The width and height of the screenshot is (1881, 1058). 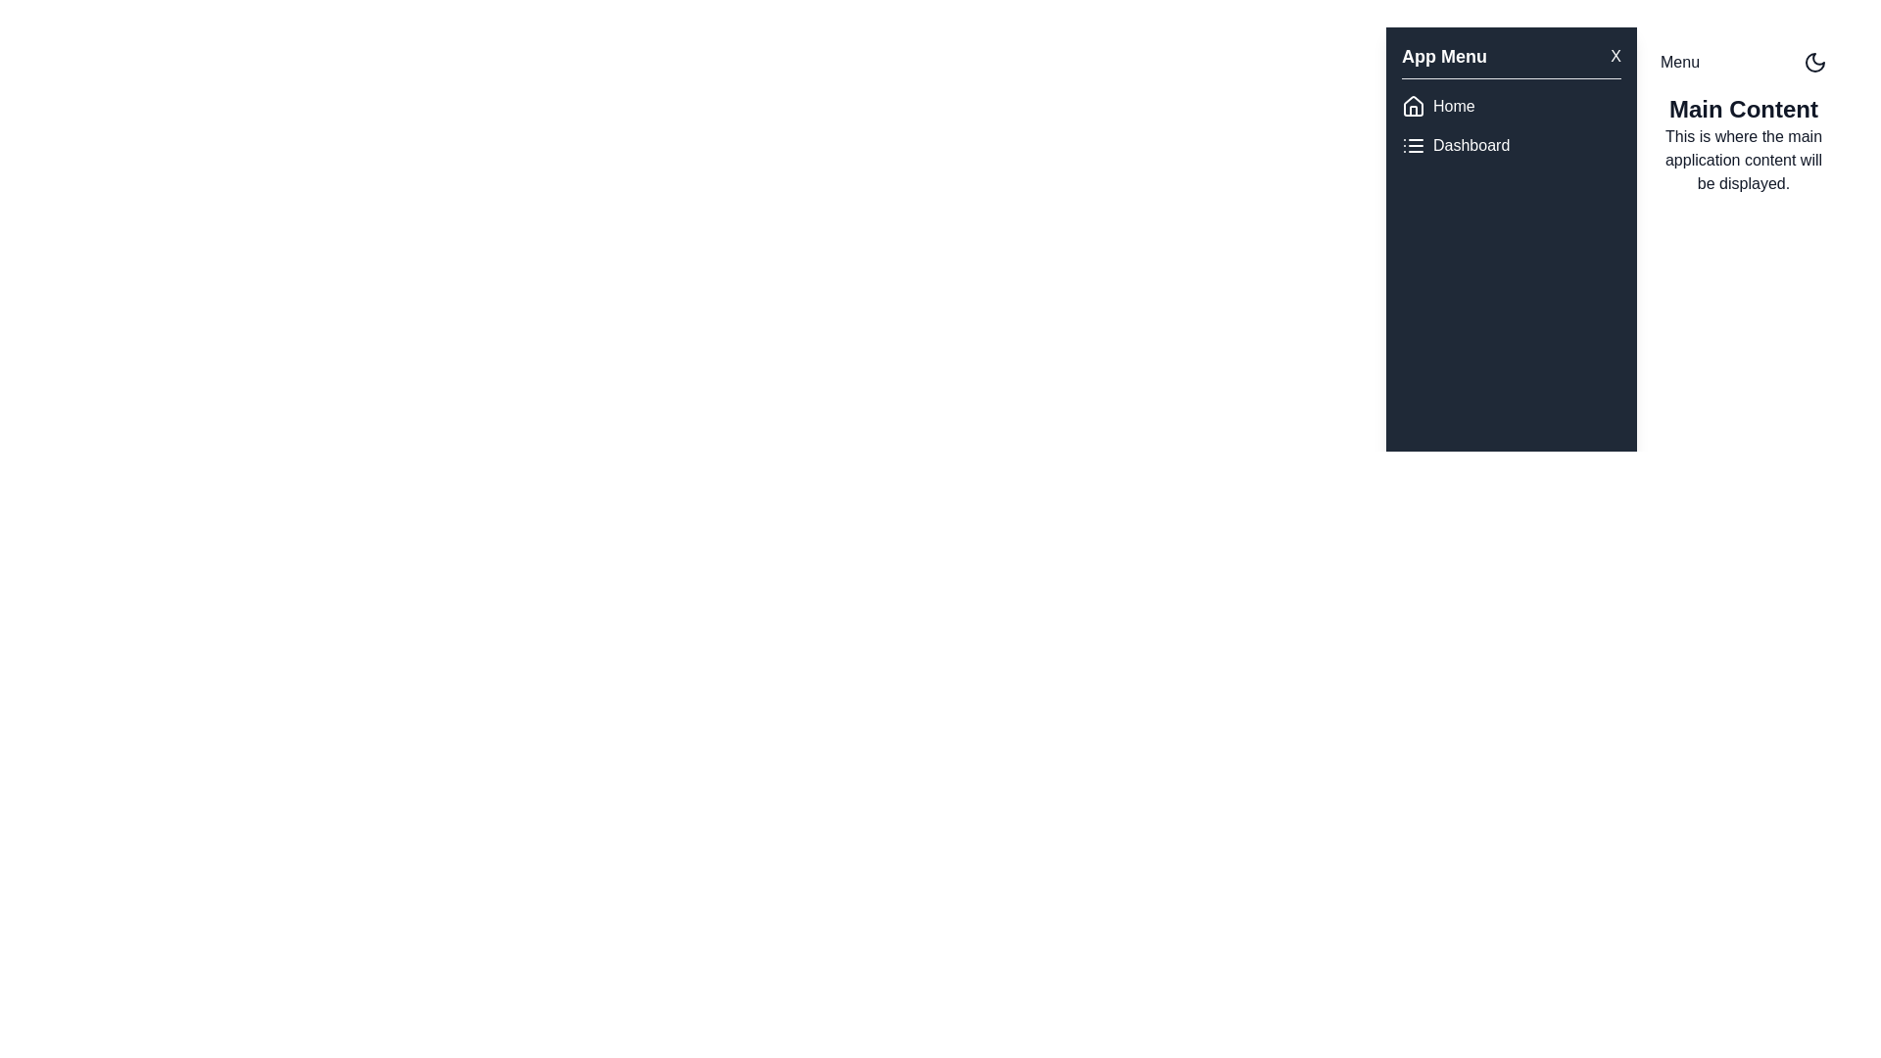 I want to click on the 'Menu' text label located in the top-right corner of the application, so click(x=1678, y=62).